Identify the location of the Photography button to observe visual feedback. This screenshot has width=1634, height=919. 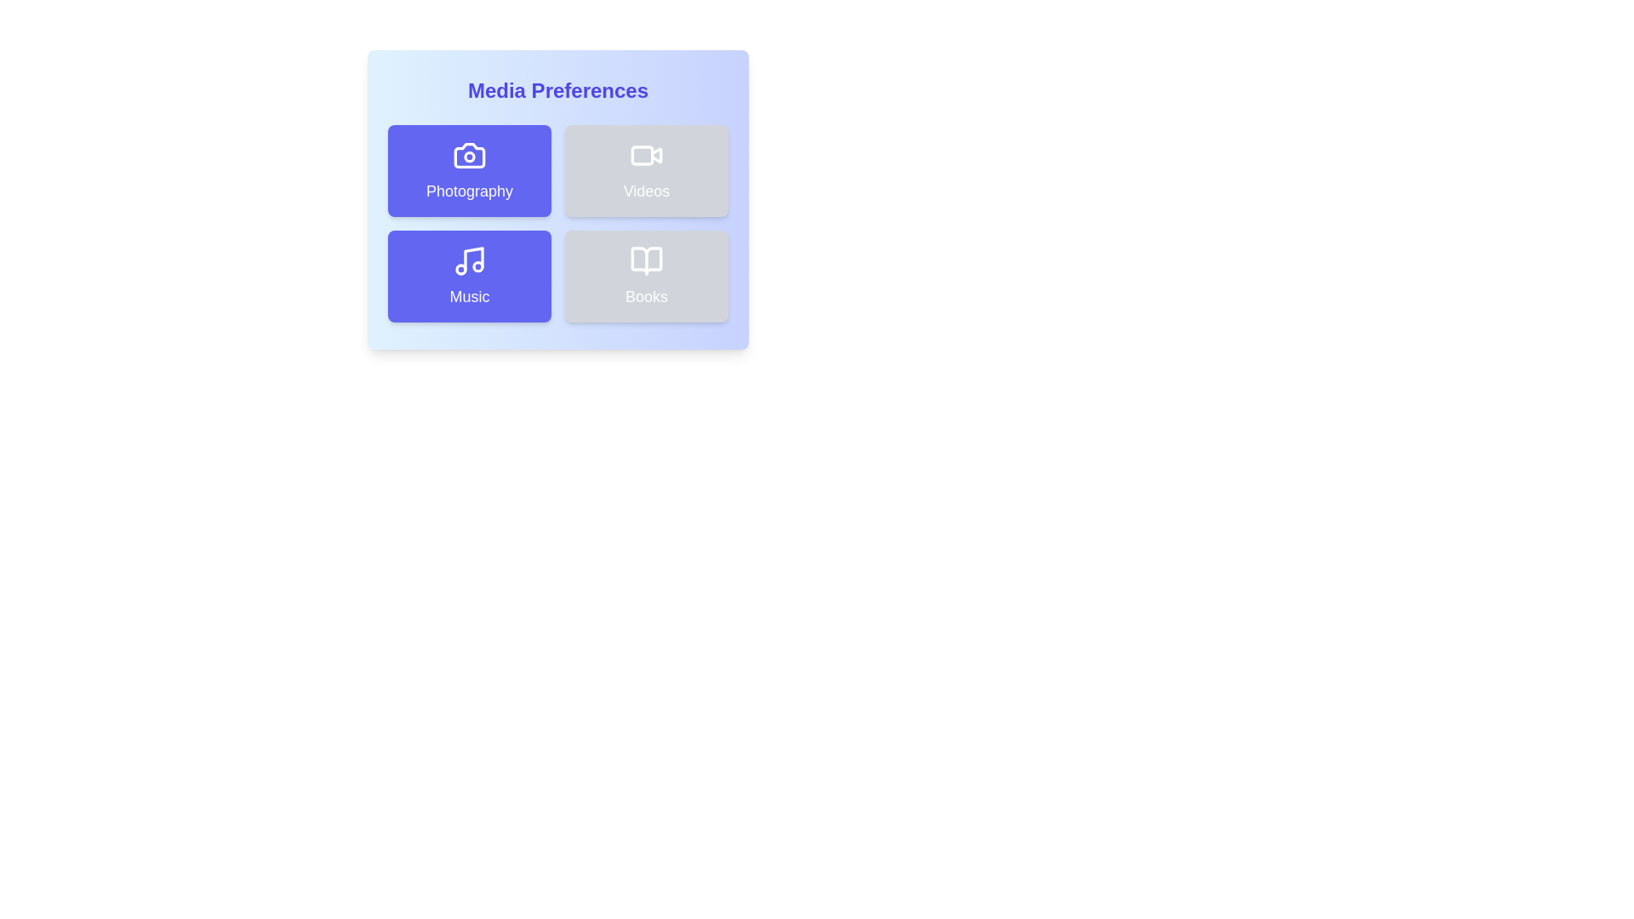
(470, 170).